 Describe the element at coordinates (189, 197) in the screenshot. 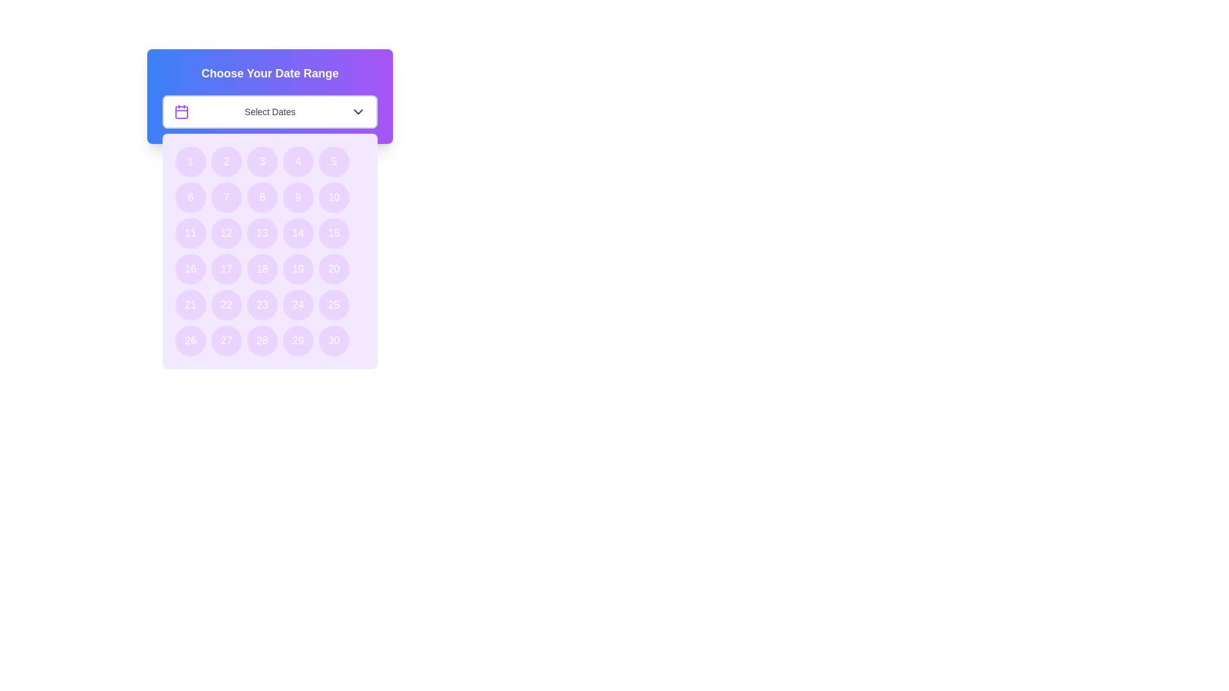

I see `the Interactive button located in the first column of the second row of the grid layout` at that location.